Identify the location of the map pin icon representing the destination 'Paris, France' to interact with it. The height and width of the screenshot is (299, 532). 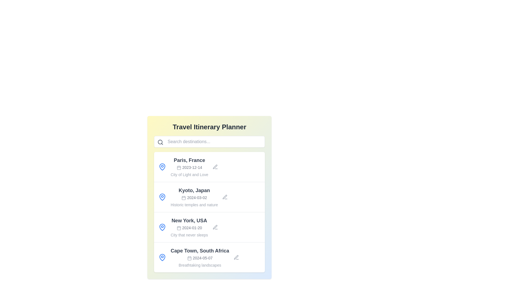
(162, 166).